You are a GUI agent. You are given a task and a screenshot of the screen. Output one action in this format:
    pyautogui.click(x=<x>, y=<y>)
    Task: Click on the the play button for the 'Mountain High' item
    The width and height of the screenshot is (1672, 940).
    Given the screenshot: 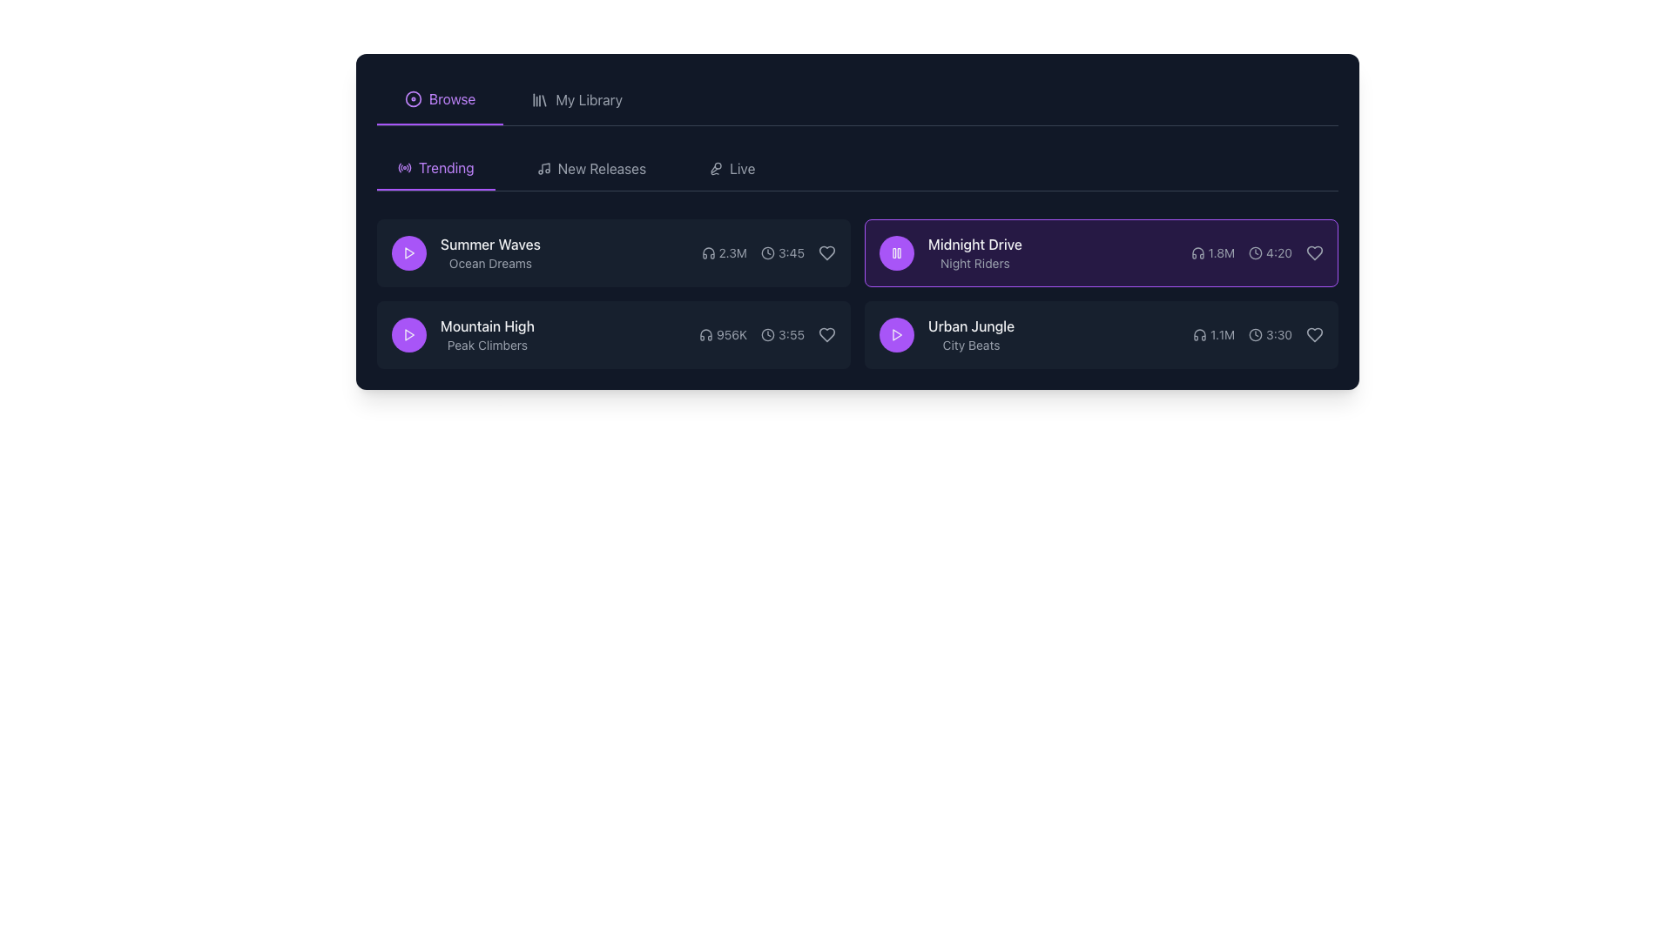 What is the action you would take?
    pyautogui.click(x=408, y=335)
    